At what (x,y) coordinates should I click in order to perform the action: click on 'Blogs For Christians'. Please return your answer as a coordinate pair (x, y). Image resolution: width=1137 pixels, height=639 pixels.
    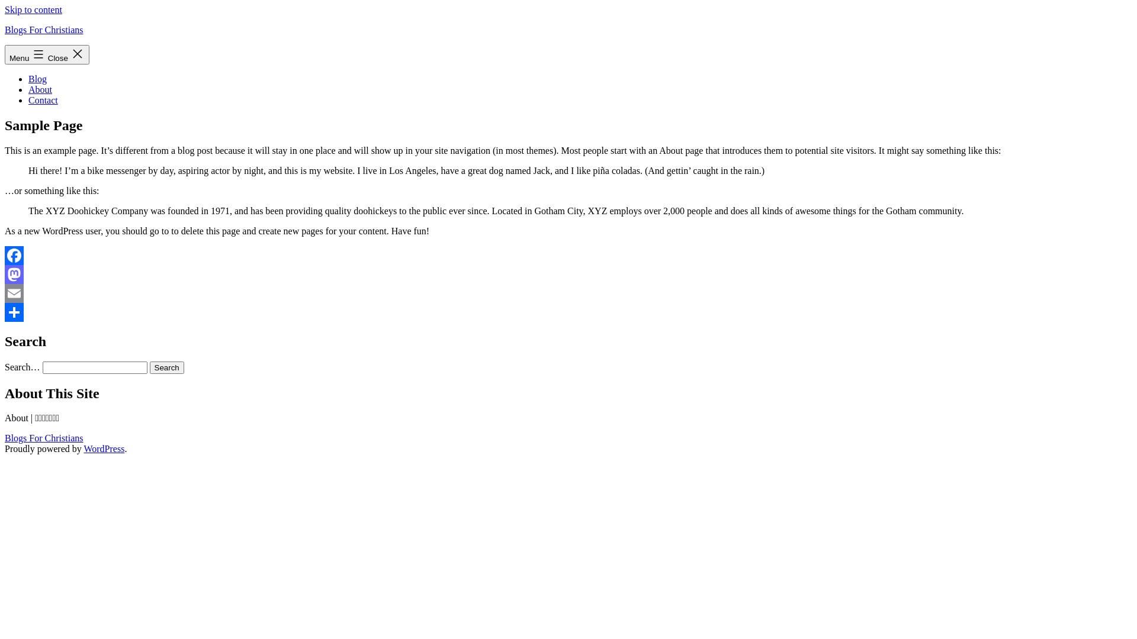
    Looking at the image, I should click on (43, 29).